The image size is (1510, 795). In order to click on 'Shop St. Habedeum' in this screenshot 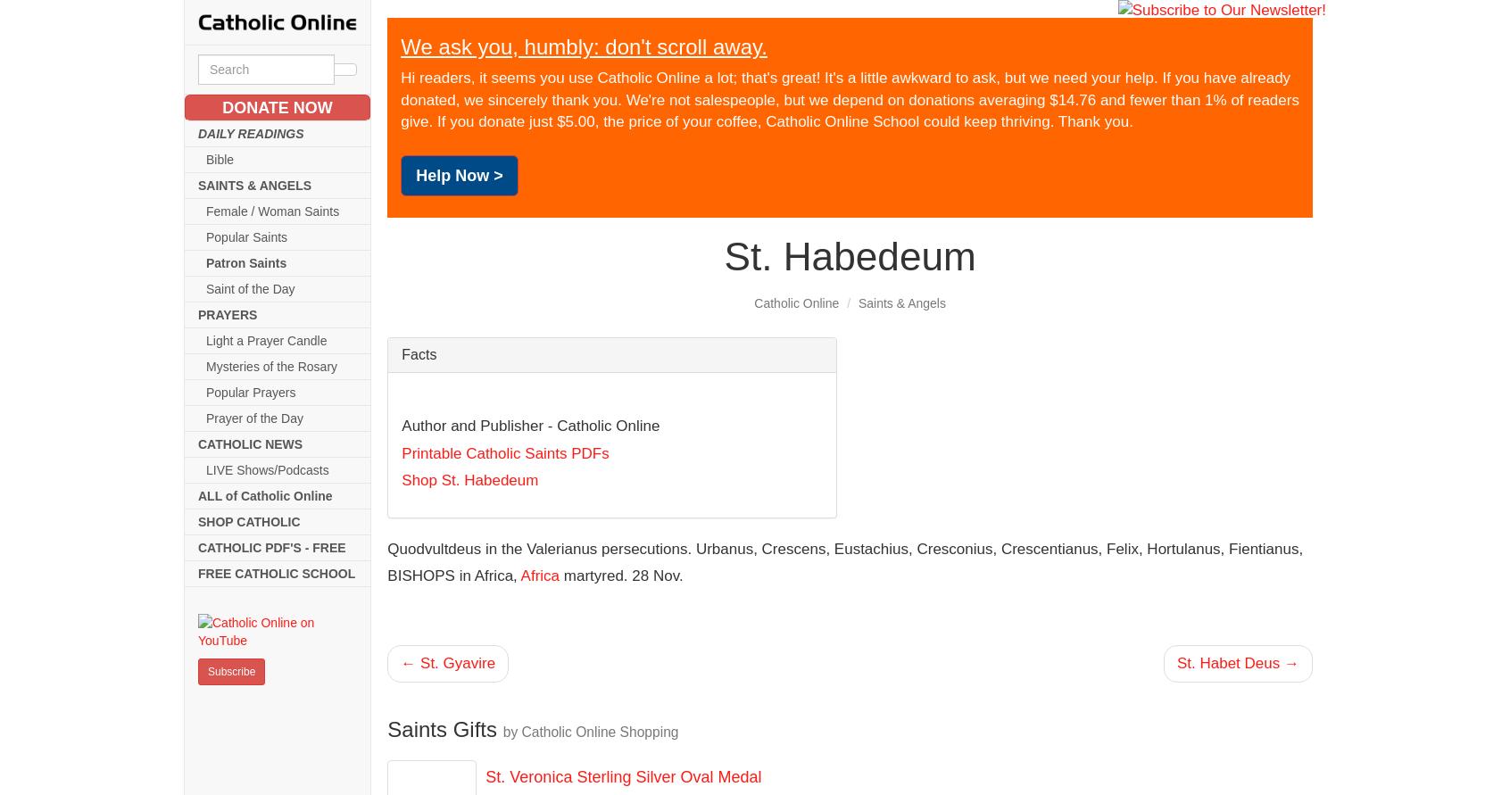, I will do `click(469, 480)`.